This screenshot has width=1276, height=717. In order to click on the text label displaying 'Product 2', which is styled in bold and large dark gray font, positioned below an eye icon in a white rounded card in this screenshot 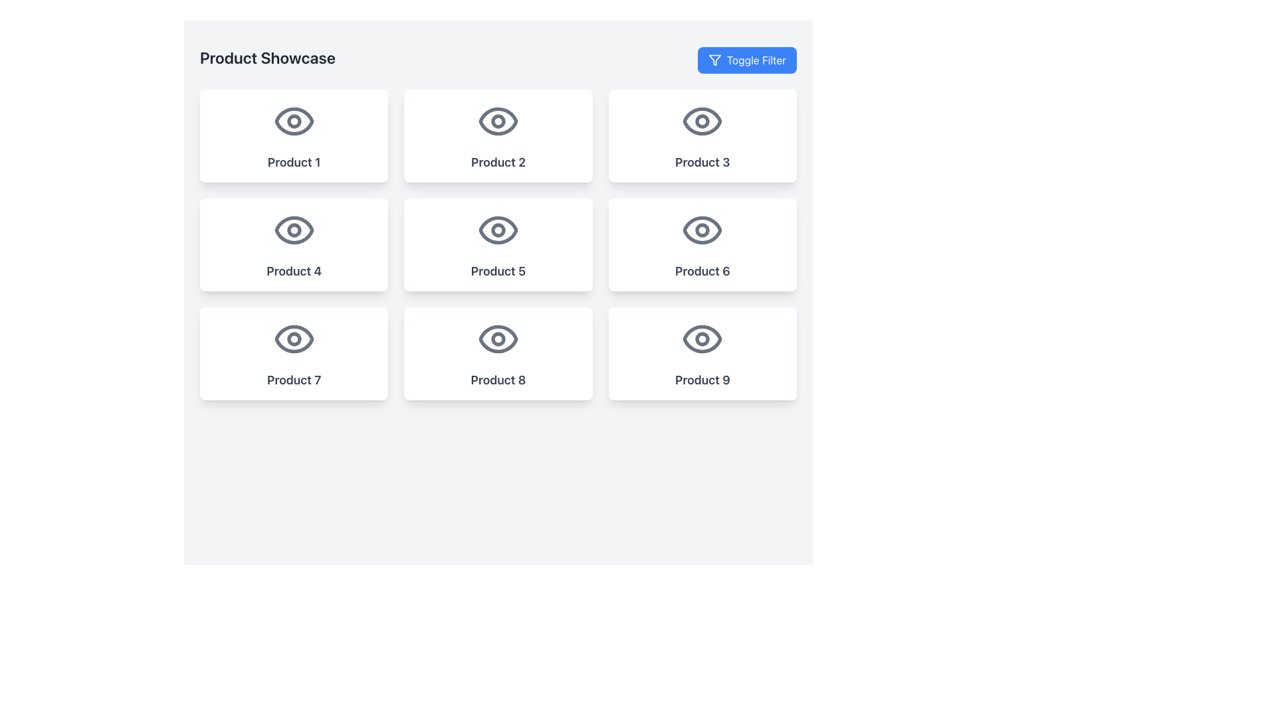, I will do `click(497, 162)`.